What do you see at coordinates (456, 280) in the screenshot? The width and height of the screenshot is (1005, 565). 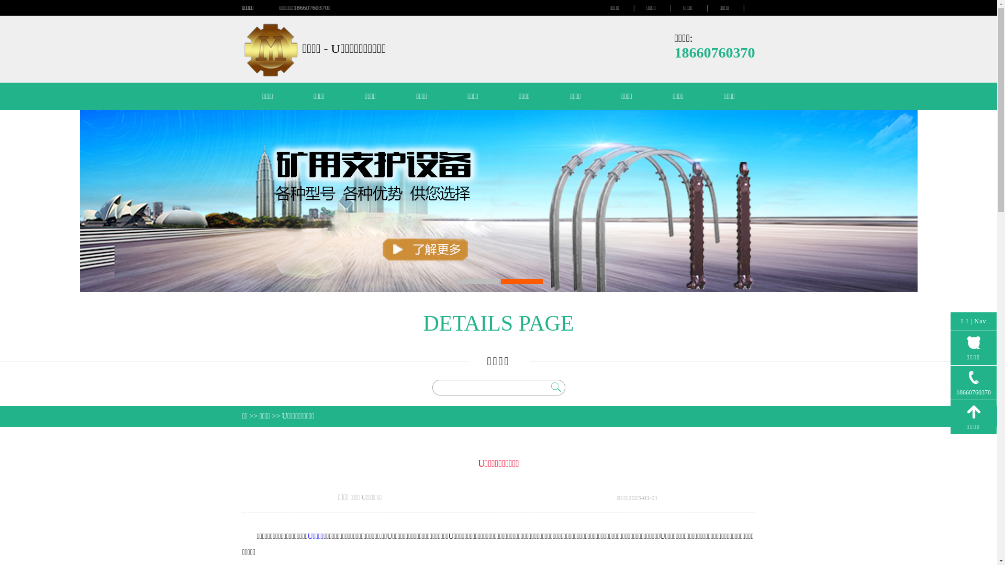 I see `'1'` at bounding box center [456, 280].